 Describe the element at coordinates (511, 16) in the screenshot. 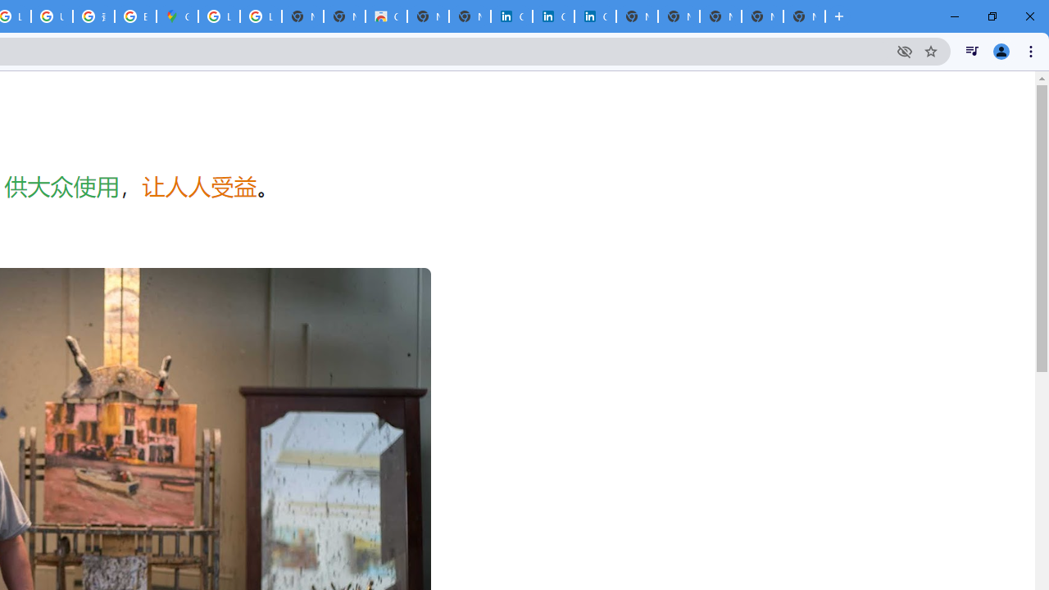

I see `'Cookie Policy | LinkedIn'` at that location.